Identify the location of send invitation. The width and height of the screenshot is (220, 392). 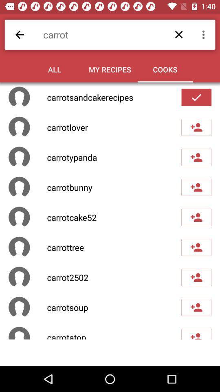
(196, 277).